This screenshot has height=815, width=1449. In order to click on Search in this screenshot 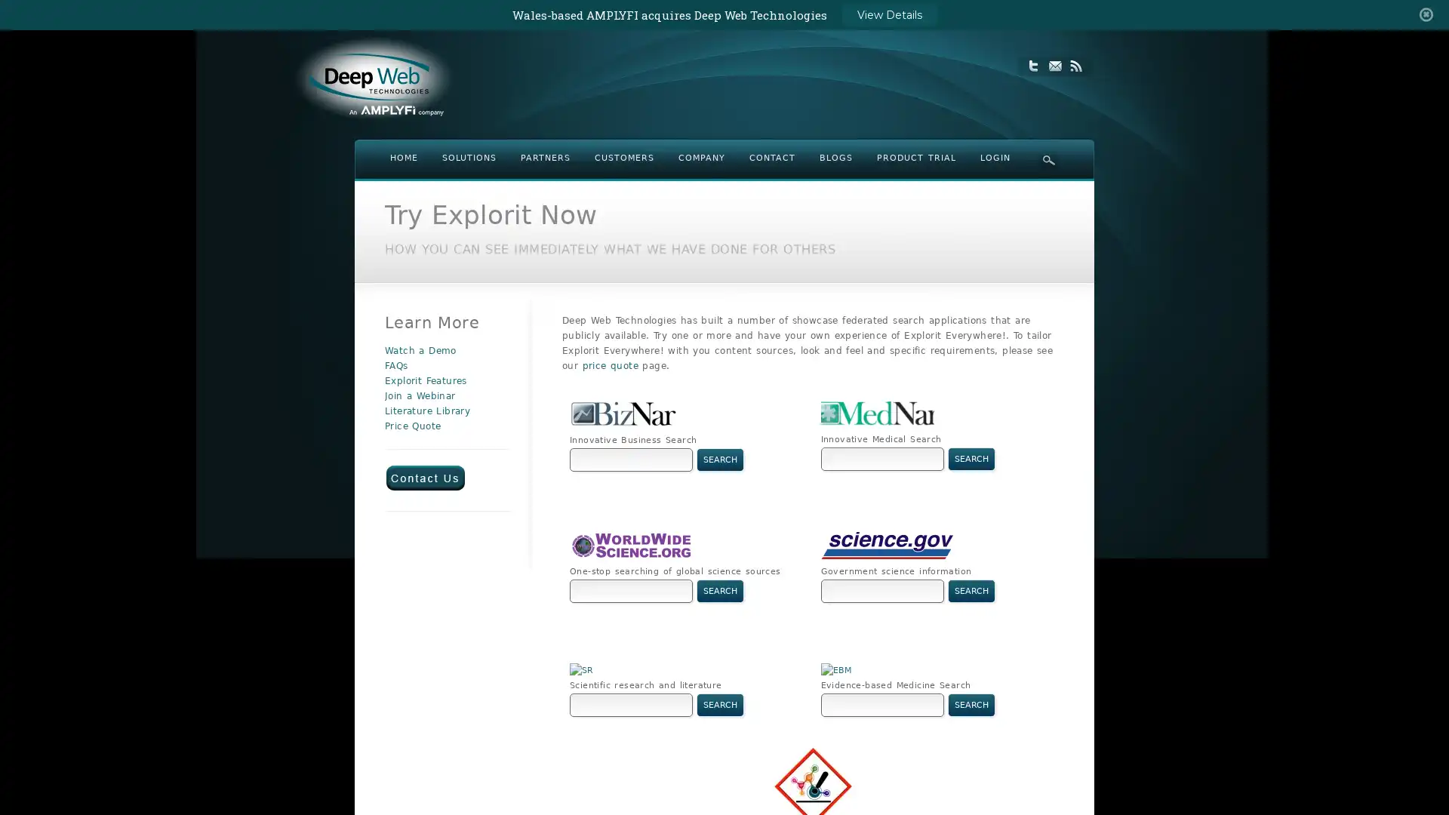, I will do `click(719, 589)`.